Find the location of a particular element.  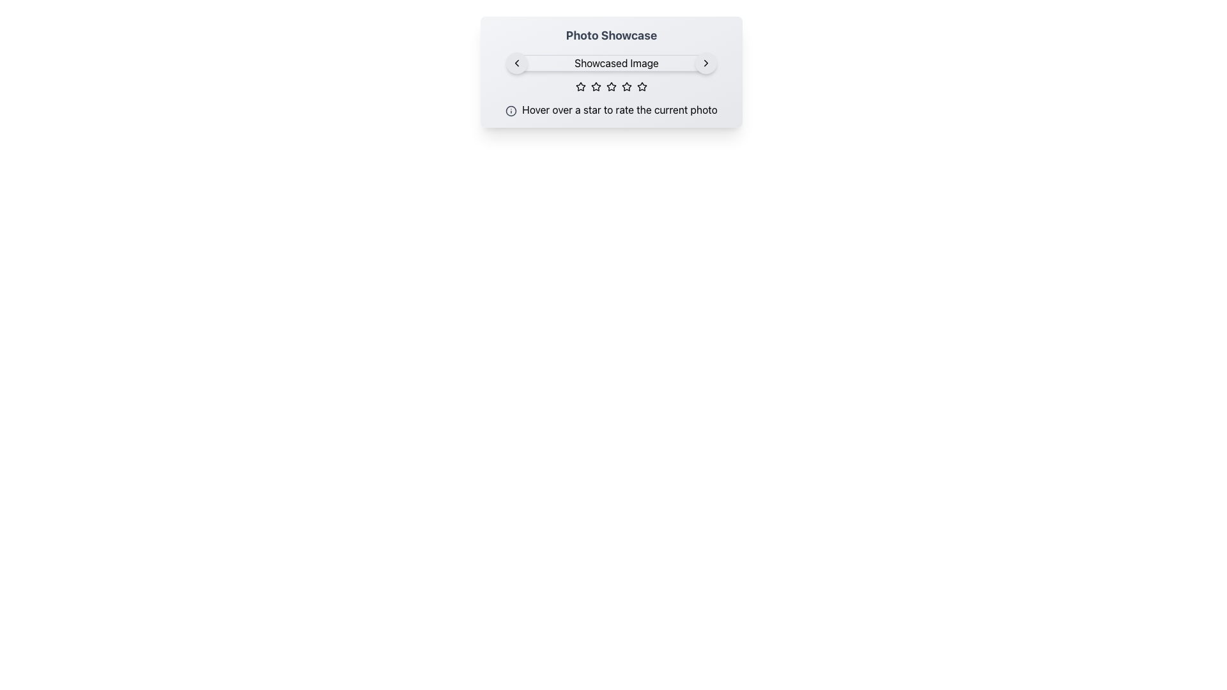

the first star icon in the rating system, which is outlined with a black stroke and positioned among other similar star icons in the photo showcase UI is located at coordinates (595, 86).